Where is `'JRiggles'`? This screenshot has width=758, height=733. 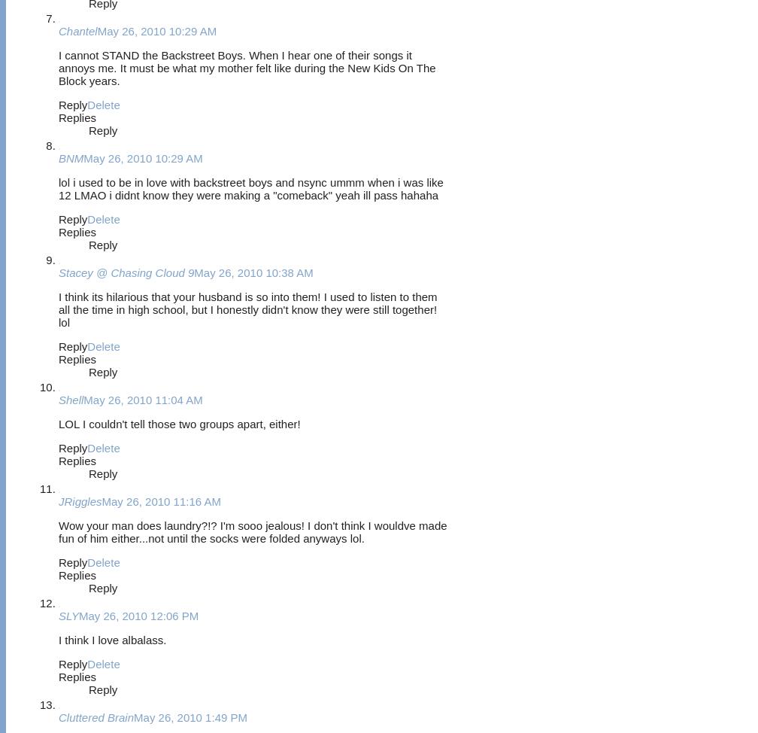 'JRiggles' is located at coordinates (80, 500).